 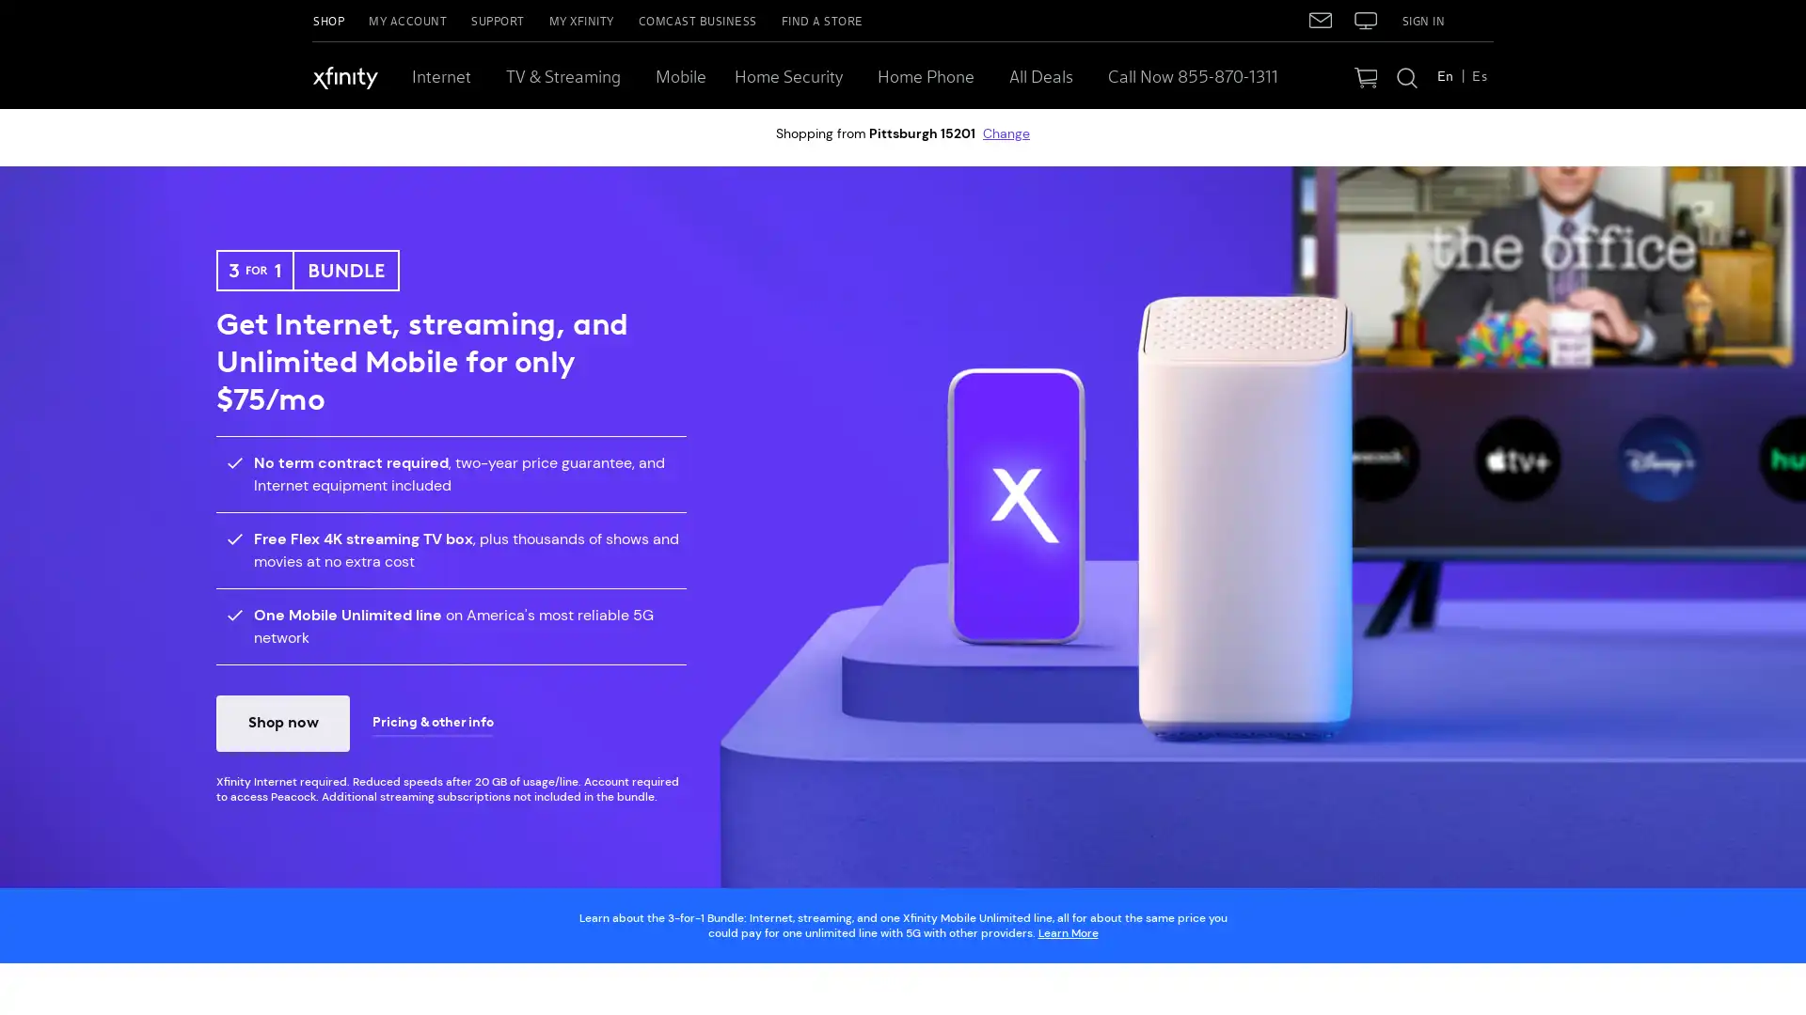 I want to click on All Deals, more links, so click(x=1085, y=72).